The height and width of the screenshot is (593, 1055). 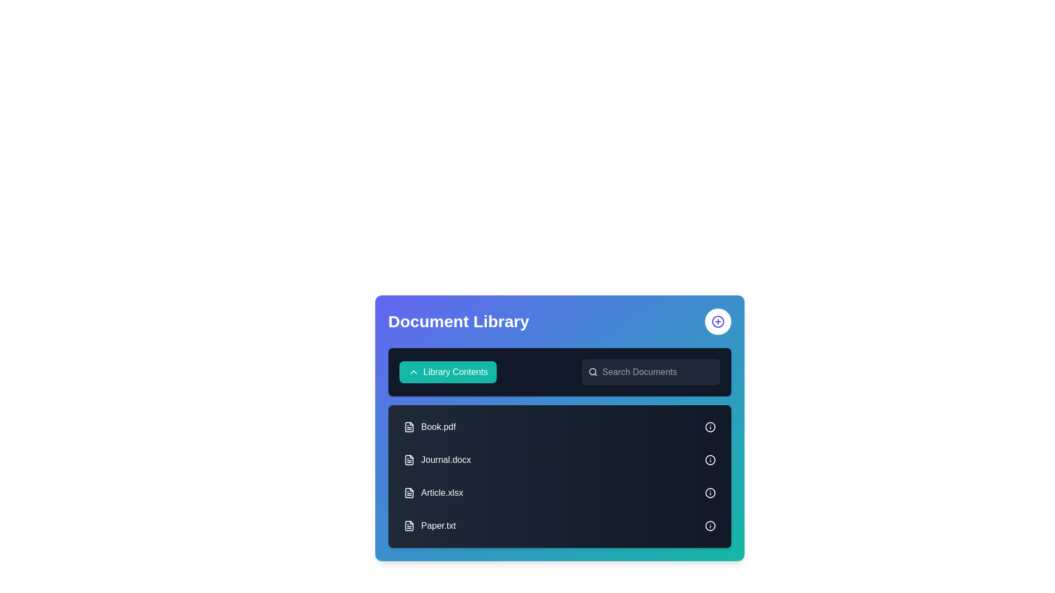 What do you see at coordinates (408, 493) in the screenshot?
I see `the rectangular document icon with a folded top-right corner, which is part of the third item labeled 'Article.xlsx' in the 'Document Library' section` at bounding box center [408, 493].